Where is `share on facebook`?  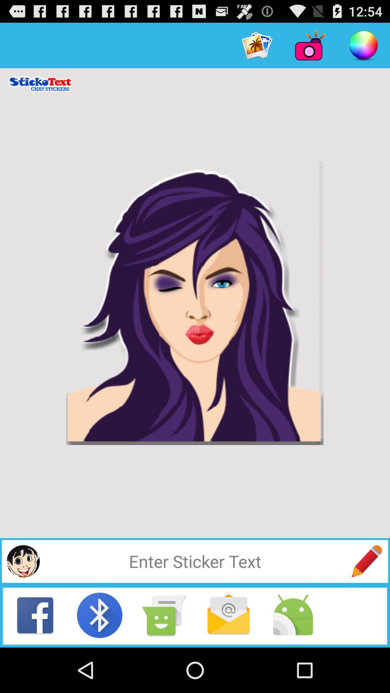
share on facebook is located at coordinates (35, 615).